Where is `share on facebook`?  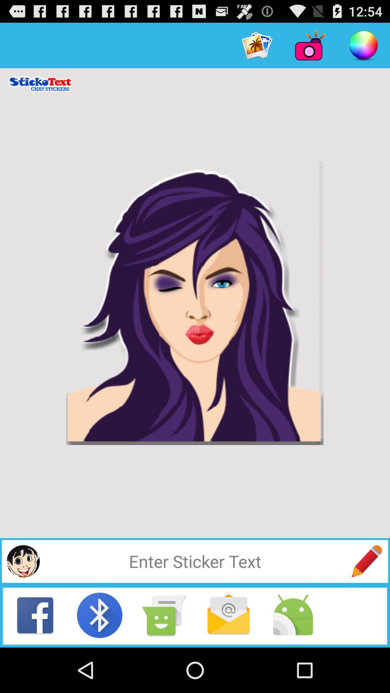
share on facebook is located at coordinates (35, 615).